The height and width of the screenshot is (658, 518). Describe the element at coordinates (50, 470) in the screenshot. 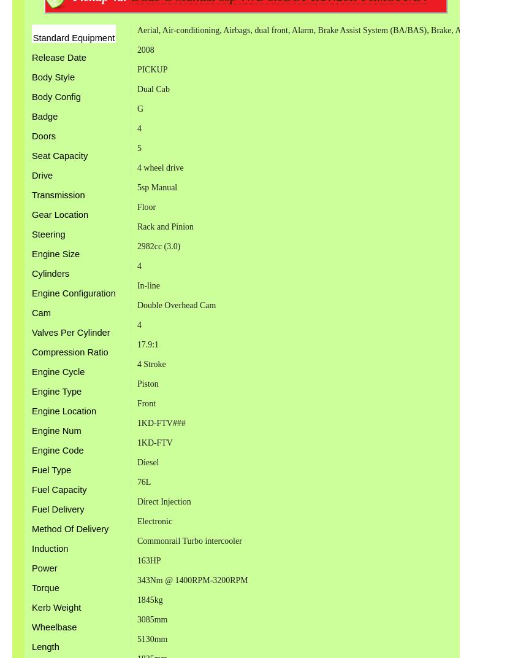

I see `'Fuel Type'` at that location.